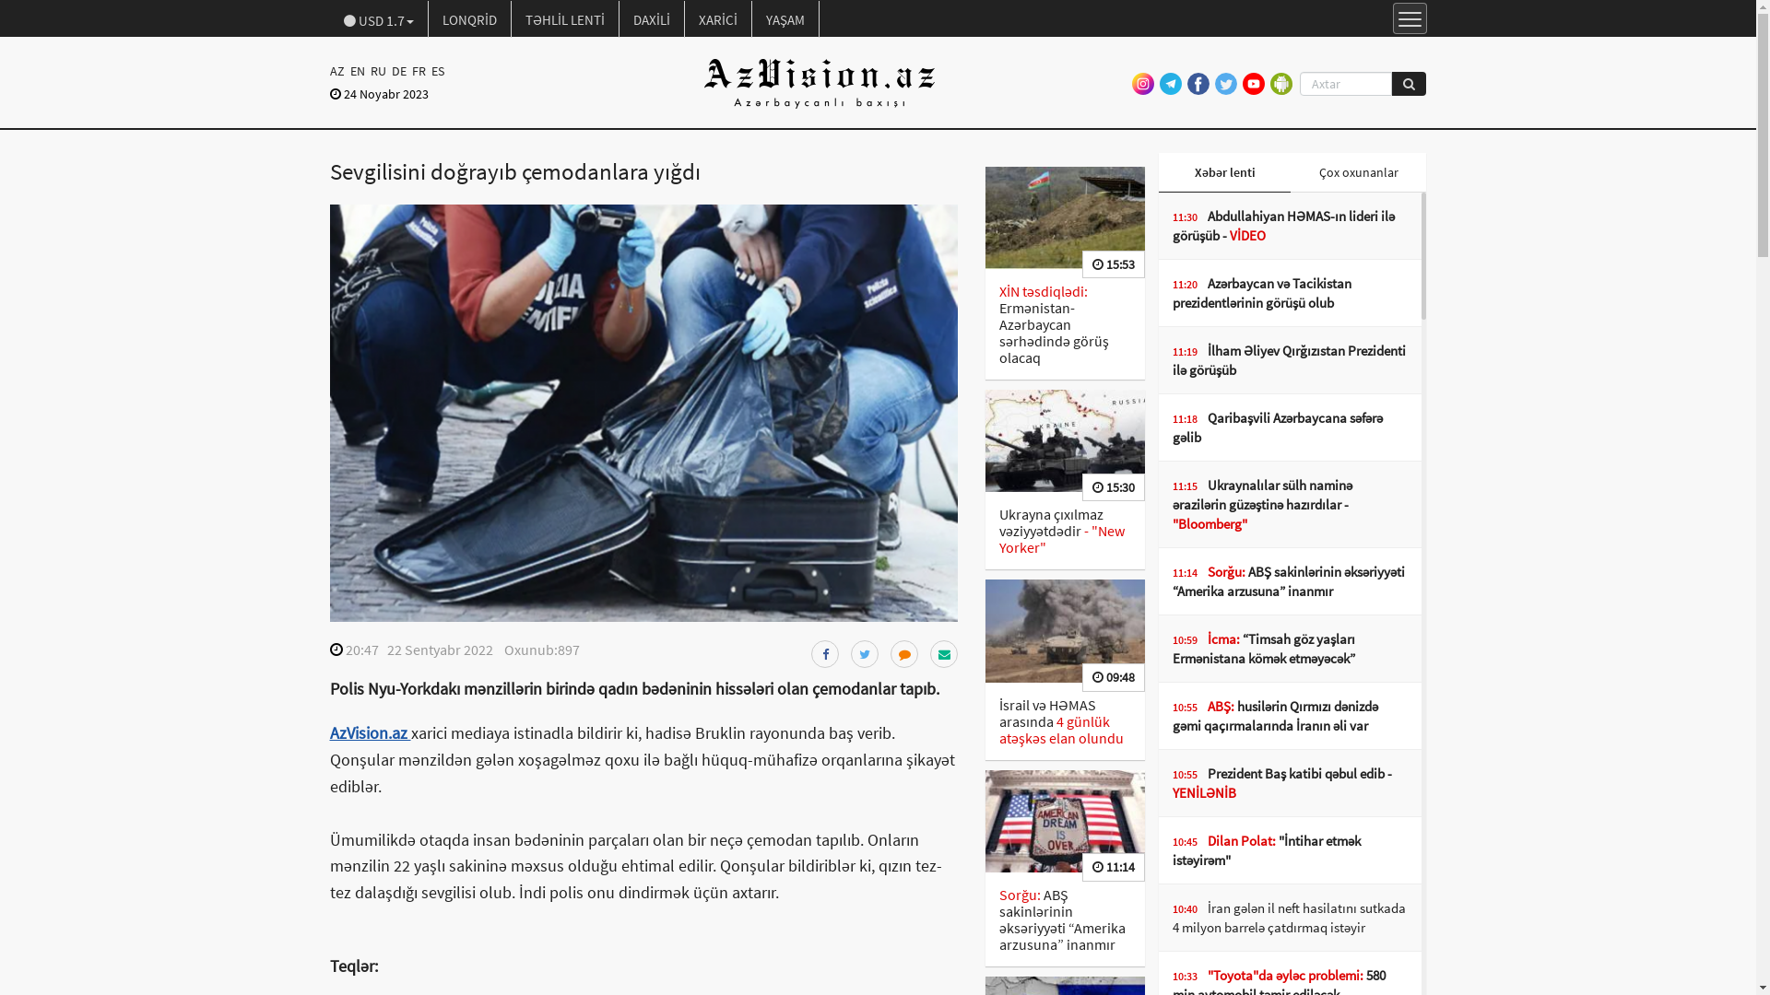  What do you see at coordinates (418, 70) in the screenshot?
I see `'FR'` at bounding box center [418, 70].